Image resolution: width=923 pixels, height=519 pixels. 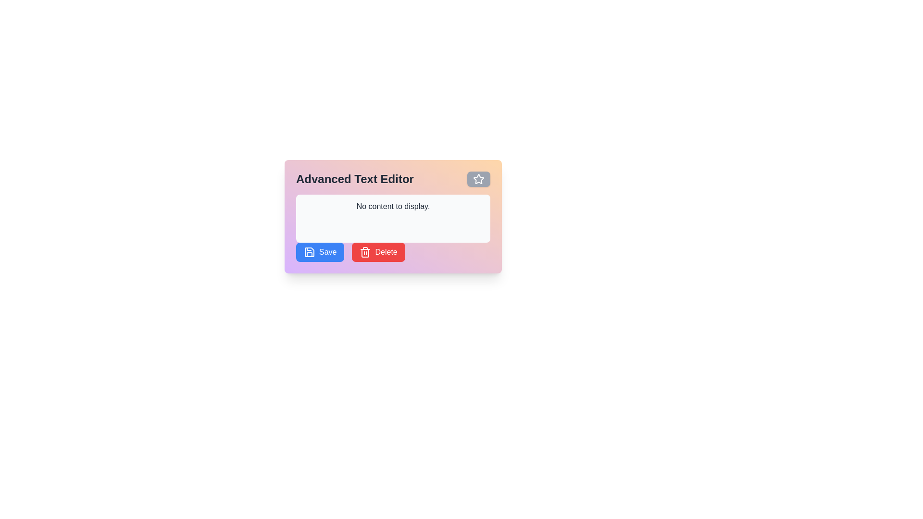 I want to click on the Star icon located in the top-right corner of the dialog box next to the 'Advanced Text Editor' title, which signifies marking items as important or preferred, so click(x=479, y=179).